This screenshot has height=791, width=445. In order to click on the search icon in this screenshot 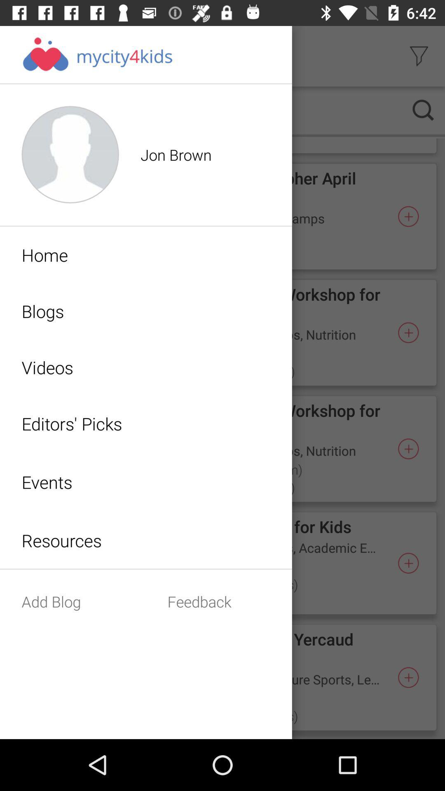, I will do `click(423, 110)`.